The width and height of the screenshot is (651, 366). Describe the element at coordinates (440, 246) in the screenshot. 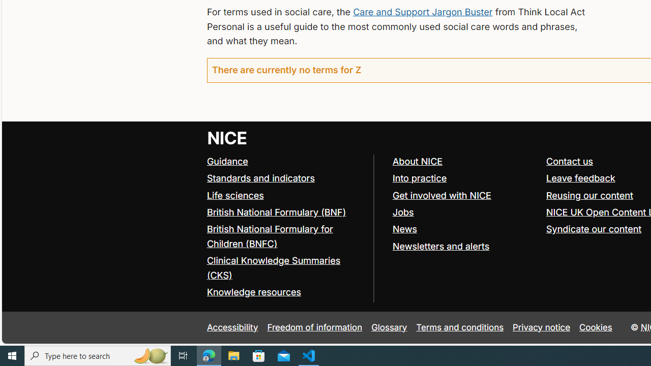

I see `'Newsletters and alerts'` at that location.